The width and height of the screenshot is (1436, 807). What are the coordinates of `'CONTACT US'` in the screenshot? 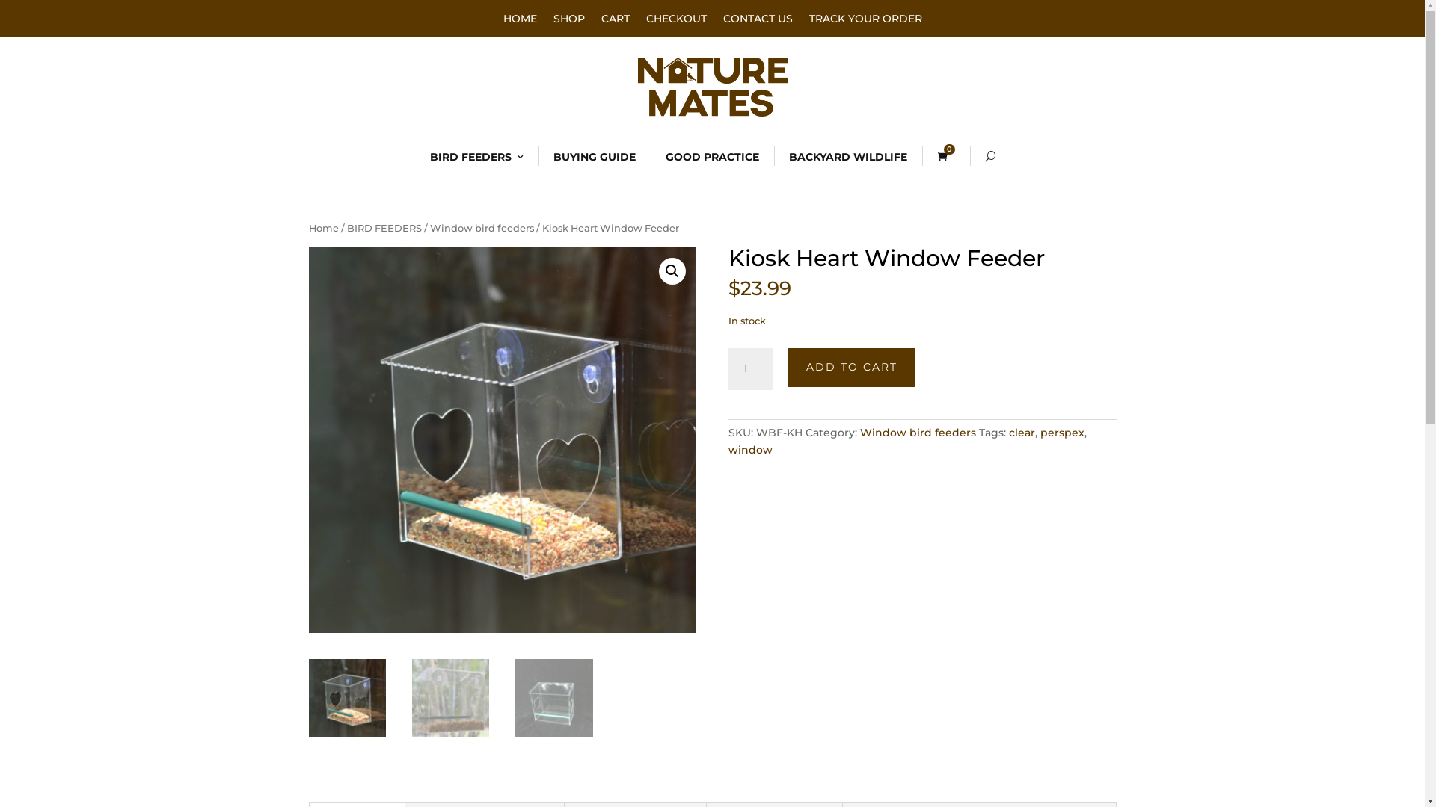 It's located at (757, 22).